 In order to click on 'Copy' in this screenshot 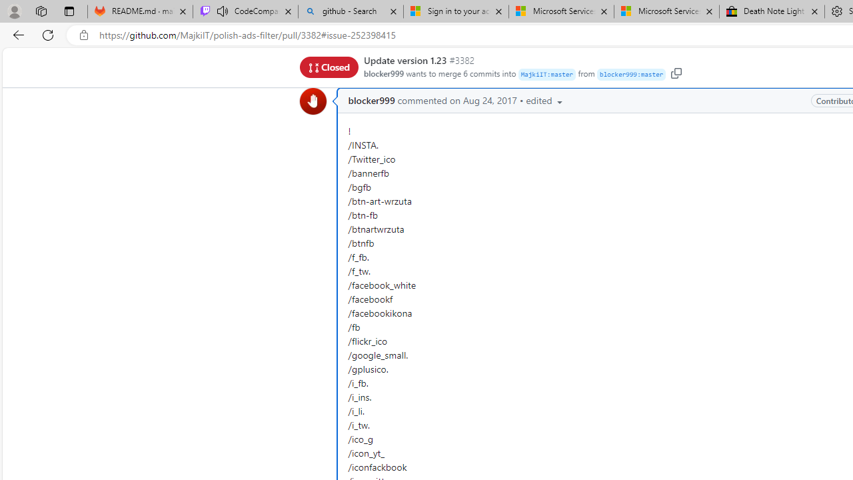, I will do `click(676, 73)`.